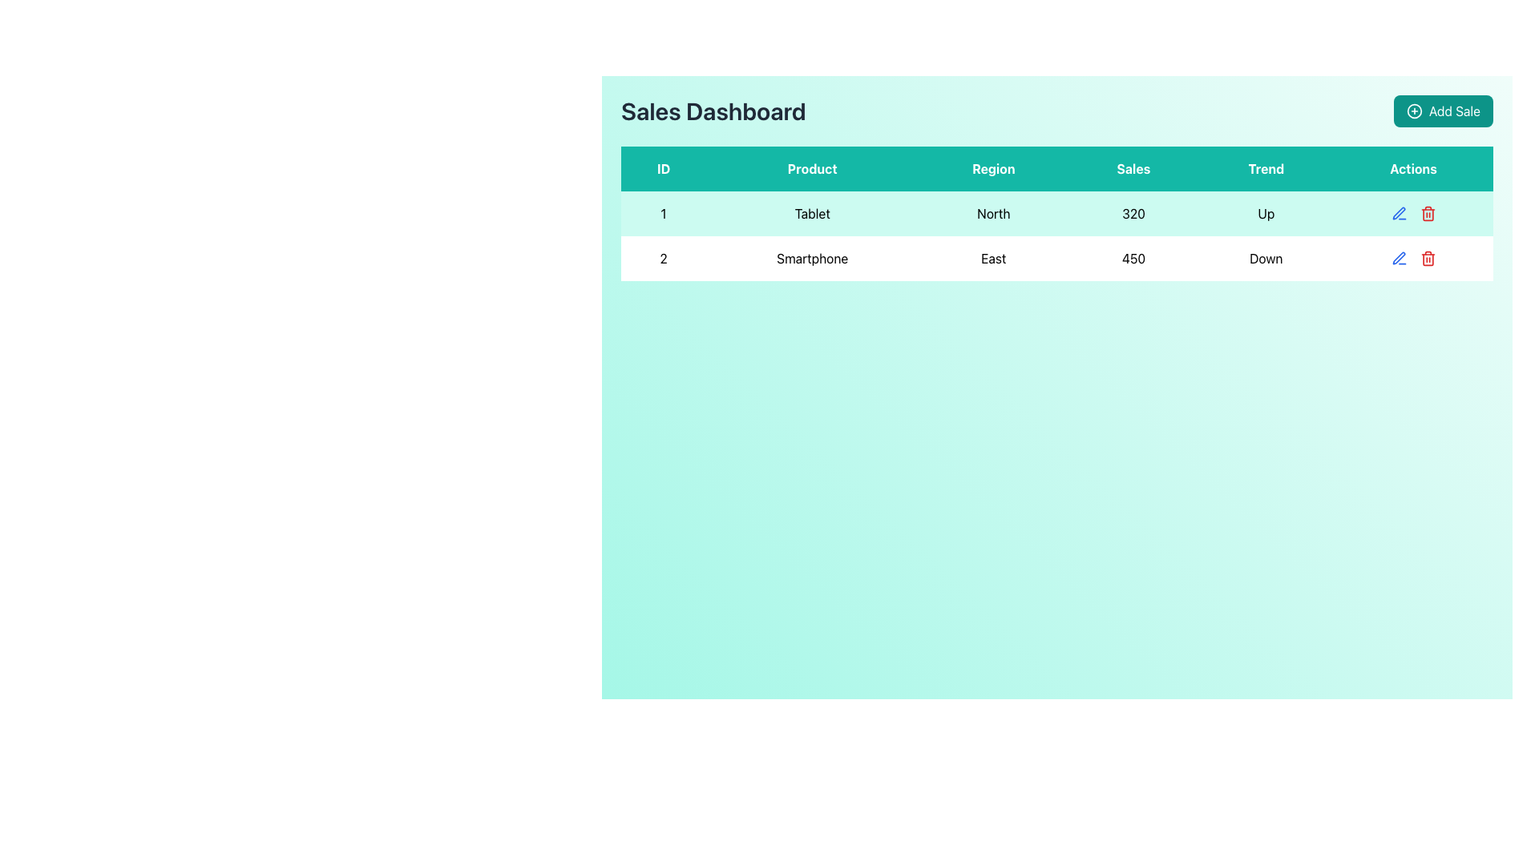 The width and height of the screenshot is (1539, 865). I want to click on the Table Header Cell displaying 'ID' in bold white font, which is centered in a teal background and is the first header in the table layout, so click(664, 169).